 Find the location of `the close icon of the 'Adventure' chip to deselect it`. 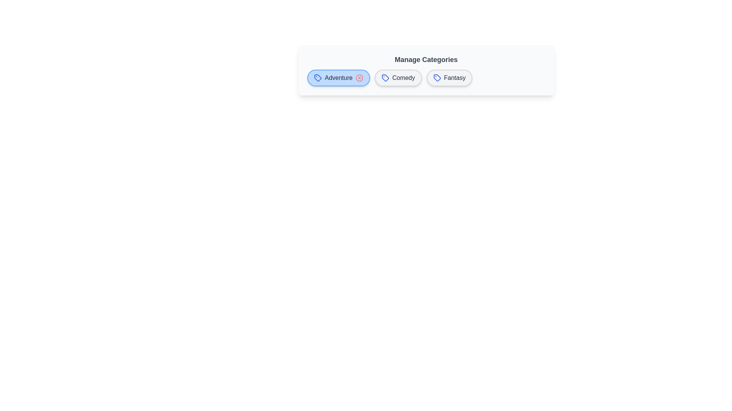

the close icon of the 'Adventure' chip to deselect it is located at coordinates (359, 78).